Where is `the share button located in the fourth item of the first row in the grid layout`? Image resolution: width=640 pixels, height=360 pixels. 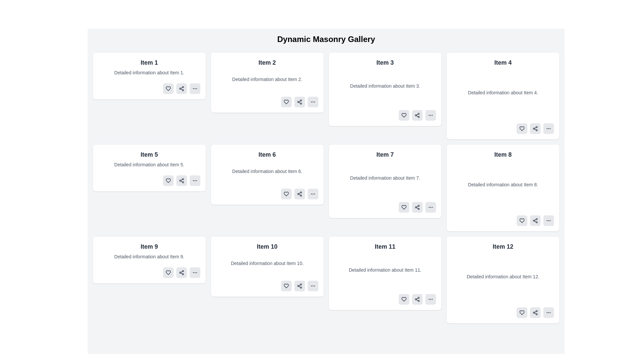 the share button located in the fourth item of the first row in the grid layout is located at coordinates (535, 128).